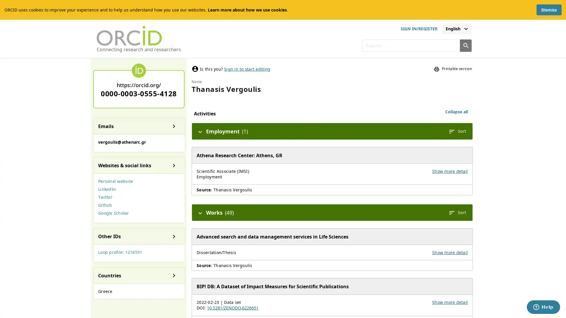 This screenshot has height=318, width=566. Describe the element at coordinates (200, 212) in the screenshot. I see `Hide details` at that location.